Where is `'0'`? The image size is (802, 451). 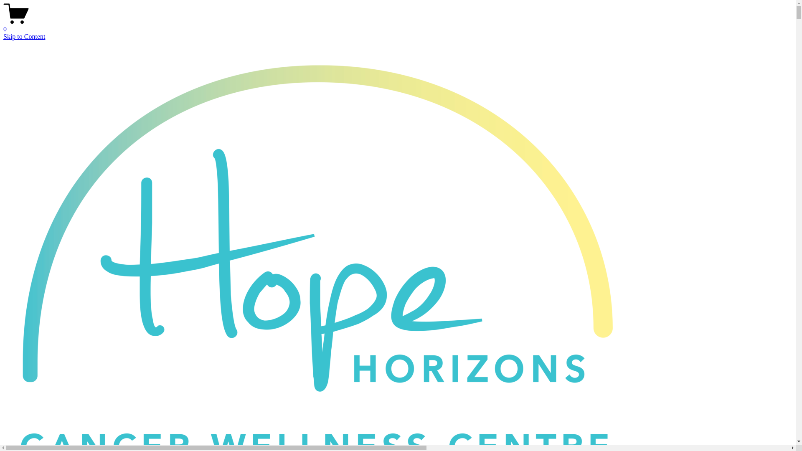
'0' is located at coordinates (3, 25).